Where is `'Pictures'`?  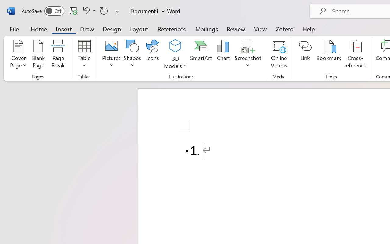 'Pictures' is located at coordinates (111, 55).